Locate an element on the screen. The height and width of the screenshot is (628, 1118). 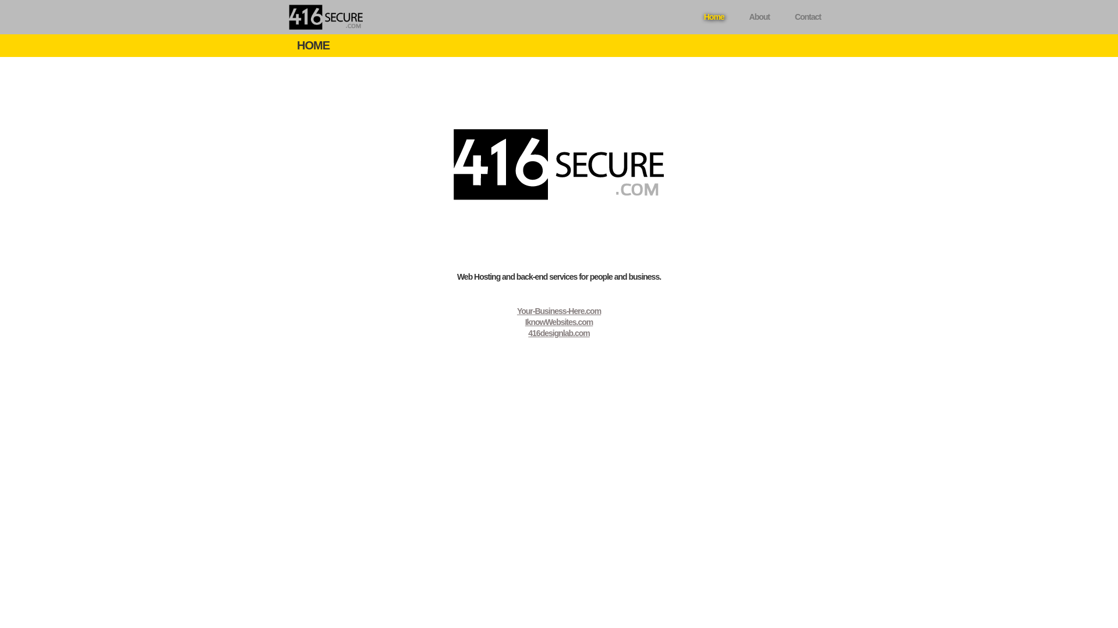
'About' is located at coordinates (737, 17).